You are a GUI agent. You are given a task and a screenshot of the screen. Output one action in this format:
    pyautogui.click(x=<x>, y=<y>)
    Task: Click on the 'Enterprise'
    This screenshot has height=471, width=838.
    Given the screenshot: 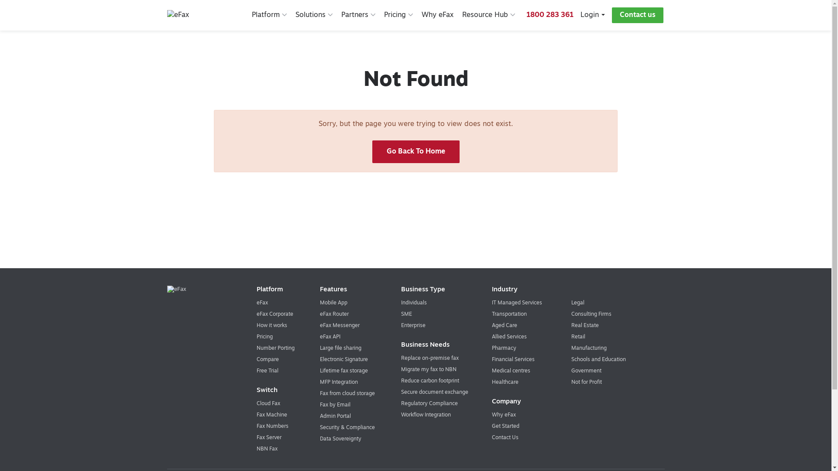 What is the action you would take?
    pyautogui.click(x=412, y=326)
    